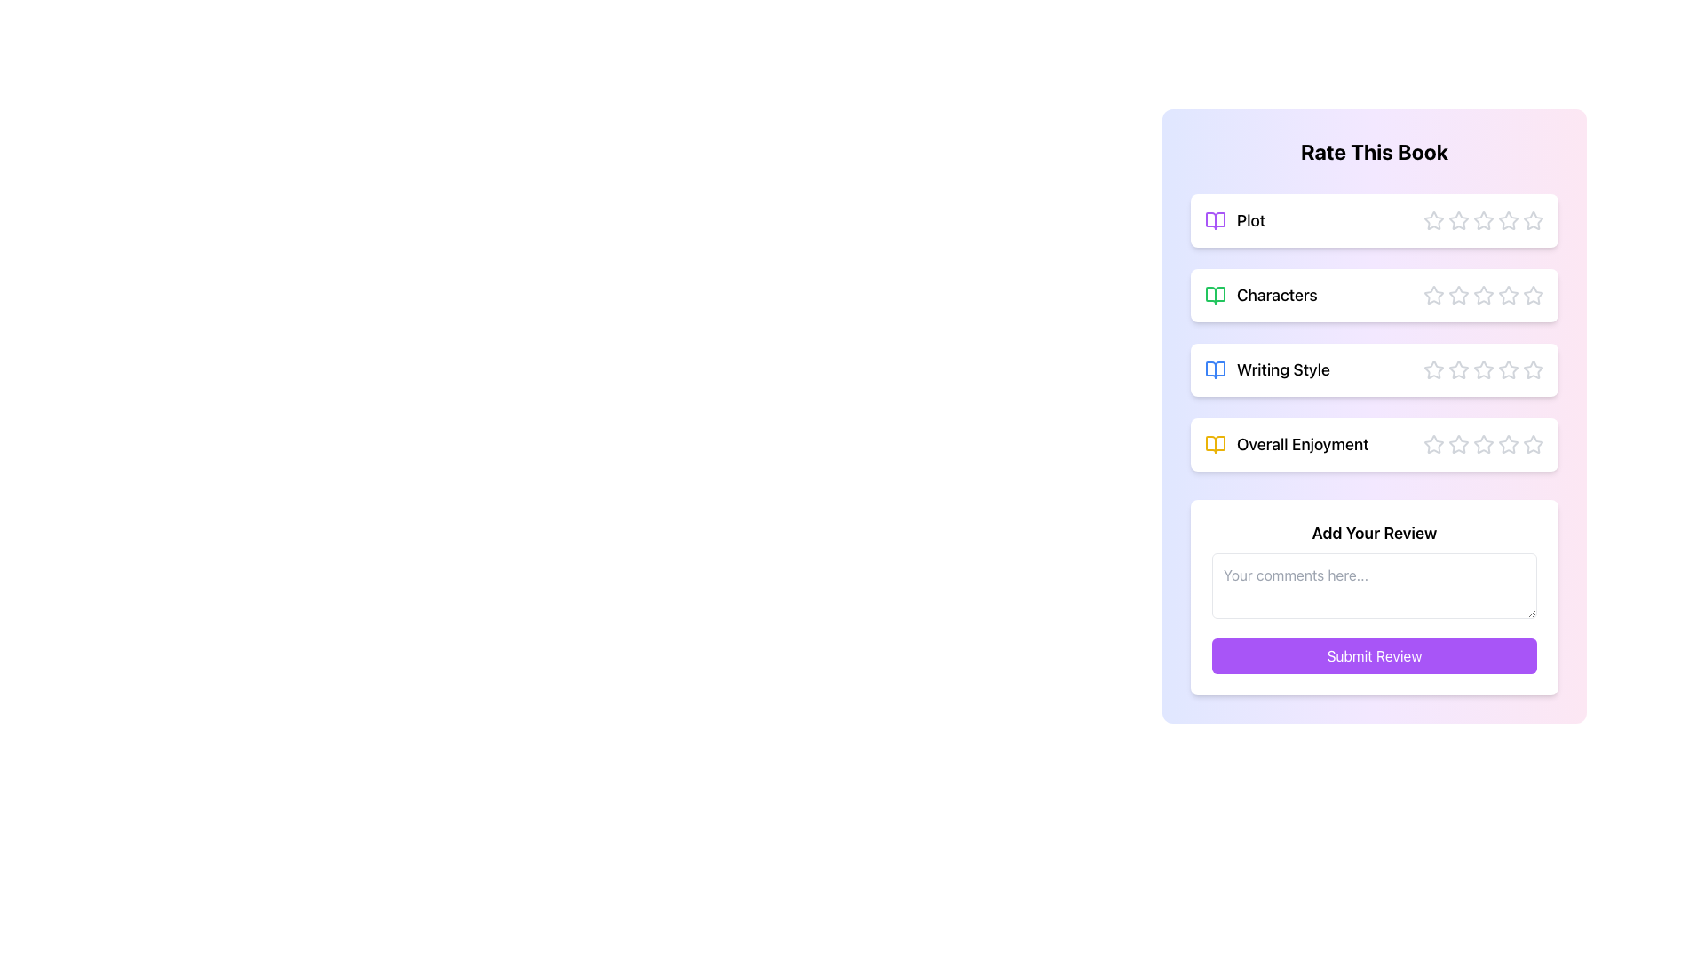  What do you see at coordinates (1433, 369) in the screenshot?
I see `the first hollow outline star icon in the rating section after the 'Writing Style' text label to rate it` at bounding box center [1433, 369].